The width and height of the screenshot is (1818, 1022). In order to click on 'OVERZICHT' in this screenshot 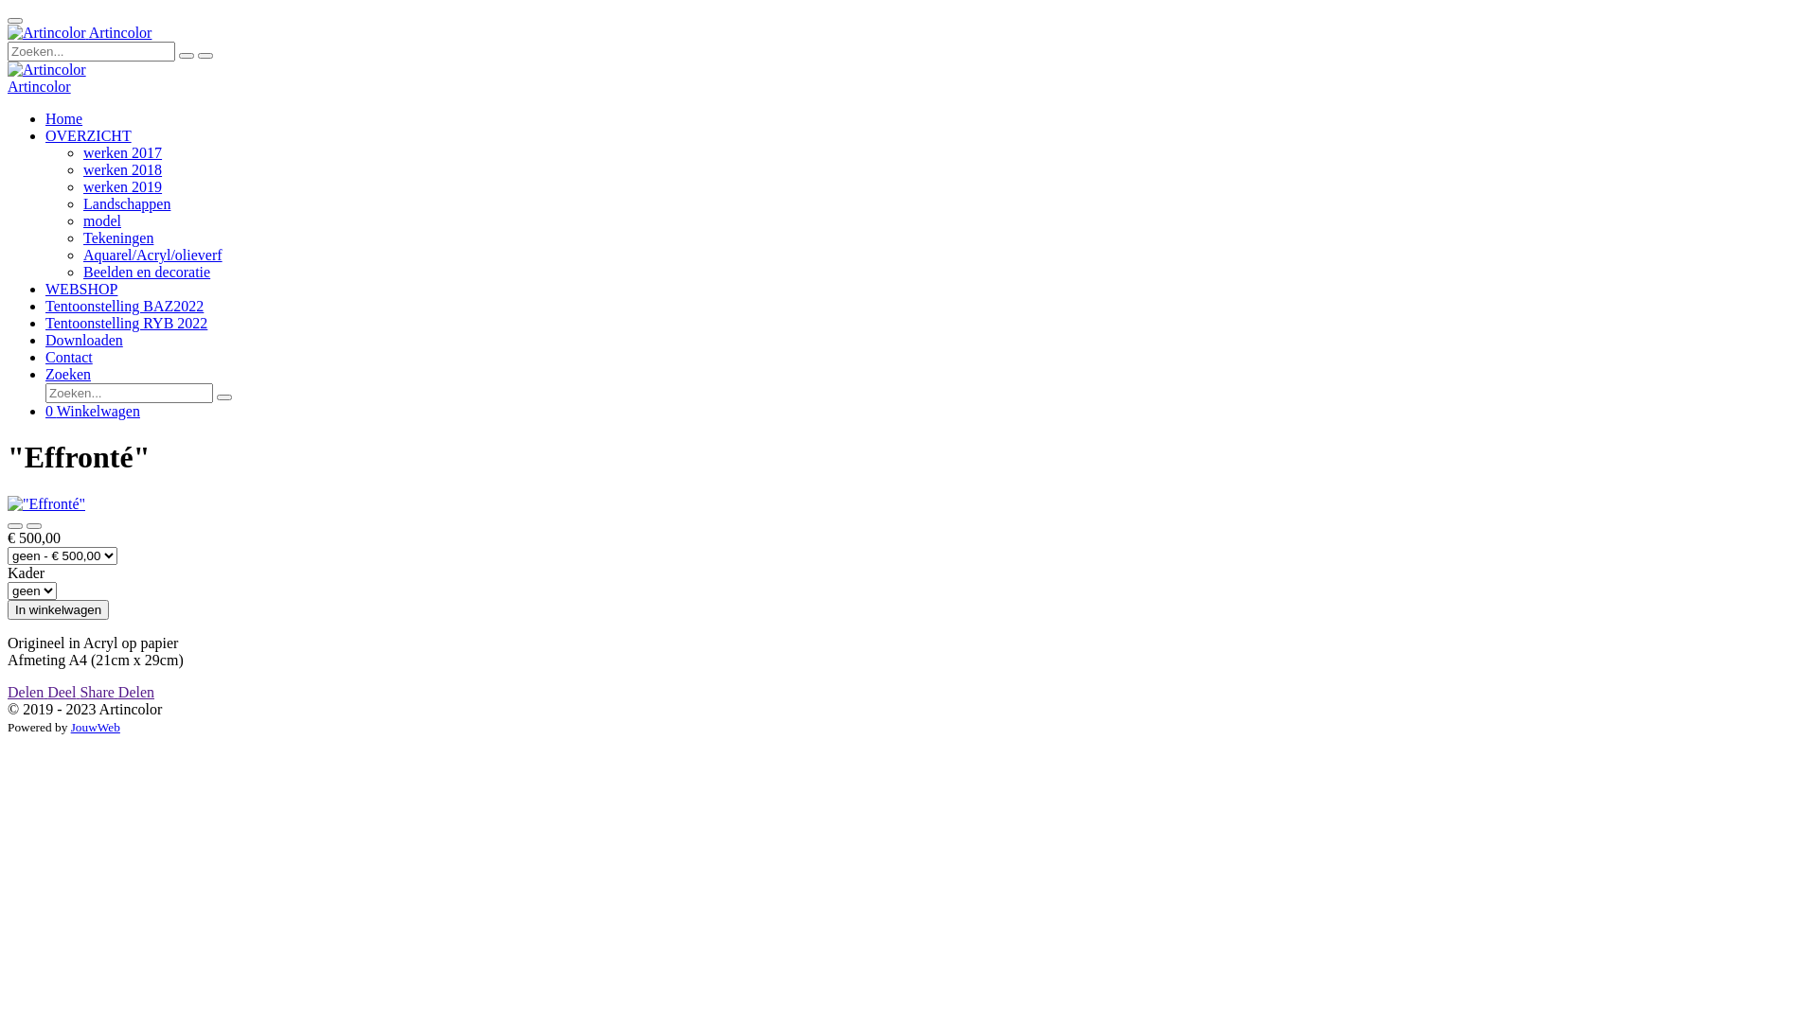, I will do `click(87, 134)`.